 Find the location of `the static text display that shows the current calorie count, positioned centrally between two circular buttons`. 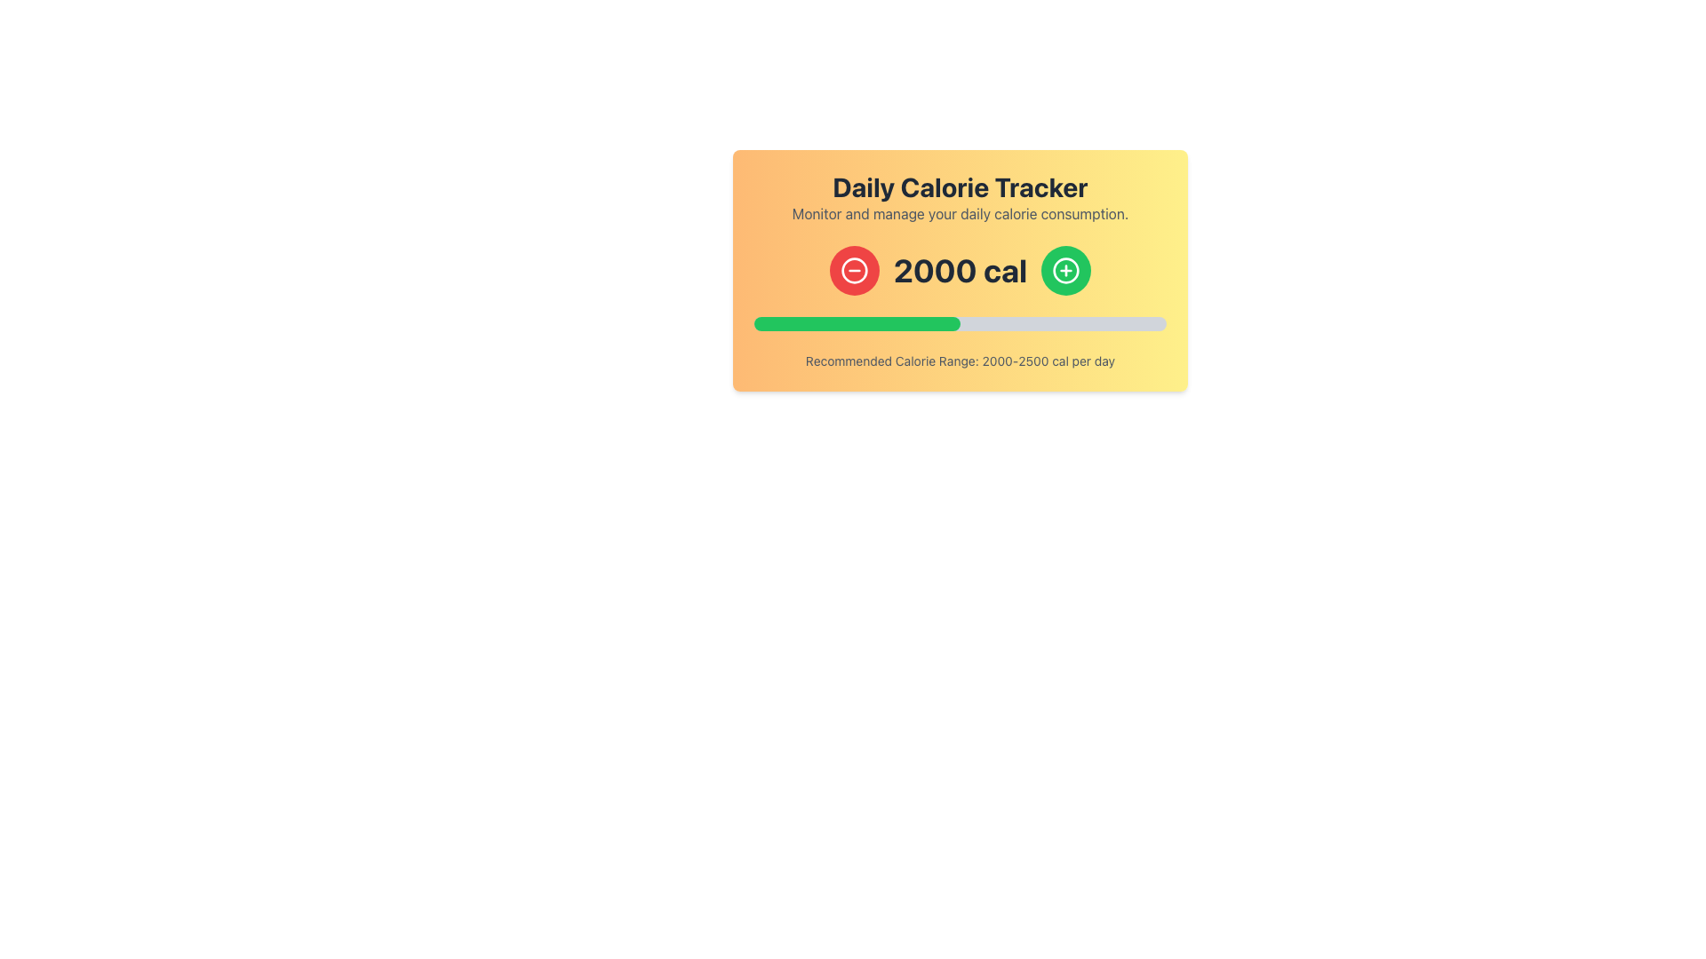

the static text display that shows the current calorie count, positioned centrally between two circular buttons is located at coordinates (959, 270).